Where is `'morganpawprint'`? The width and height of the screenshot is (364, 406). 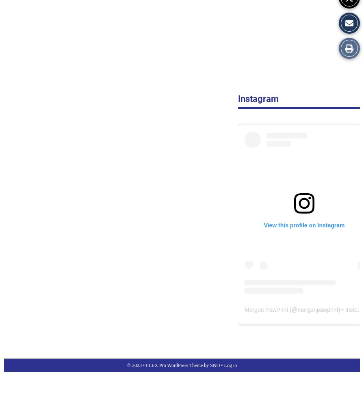 'morganpawprint' is located at coordinates (297, 309).